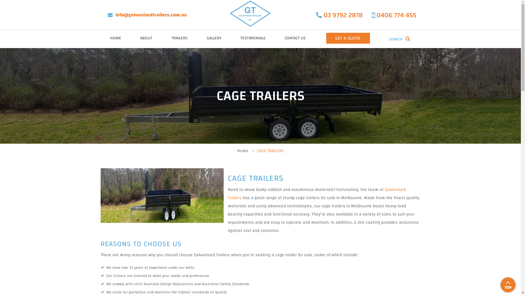 The height and width of the screenshot is (295, 525). Describe the element at coordinates (146, 38) in the screenshot. I see `'ABOUT'` at that location.